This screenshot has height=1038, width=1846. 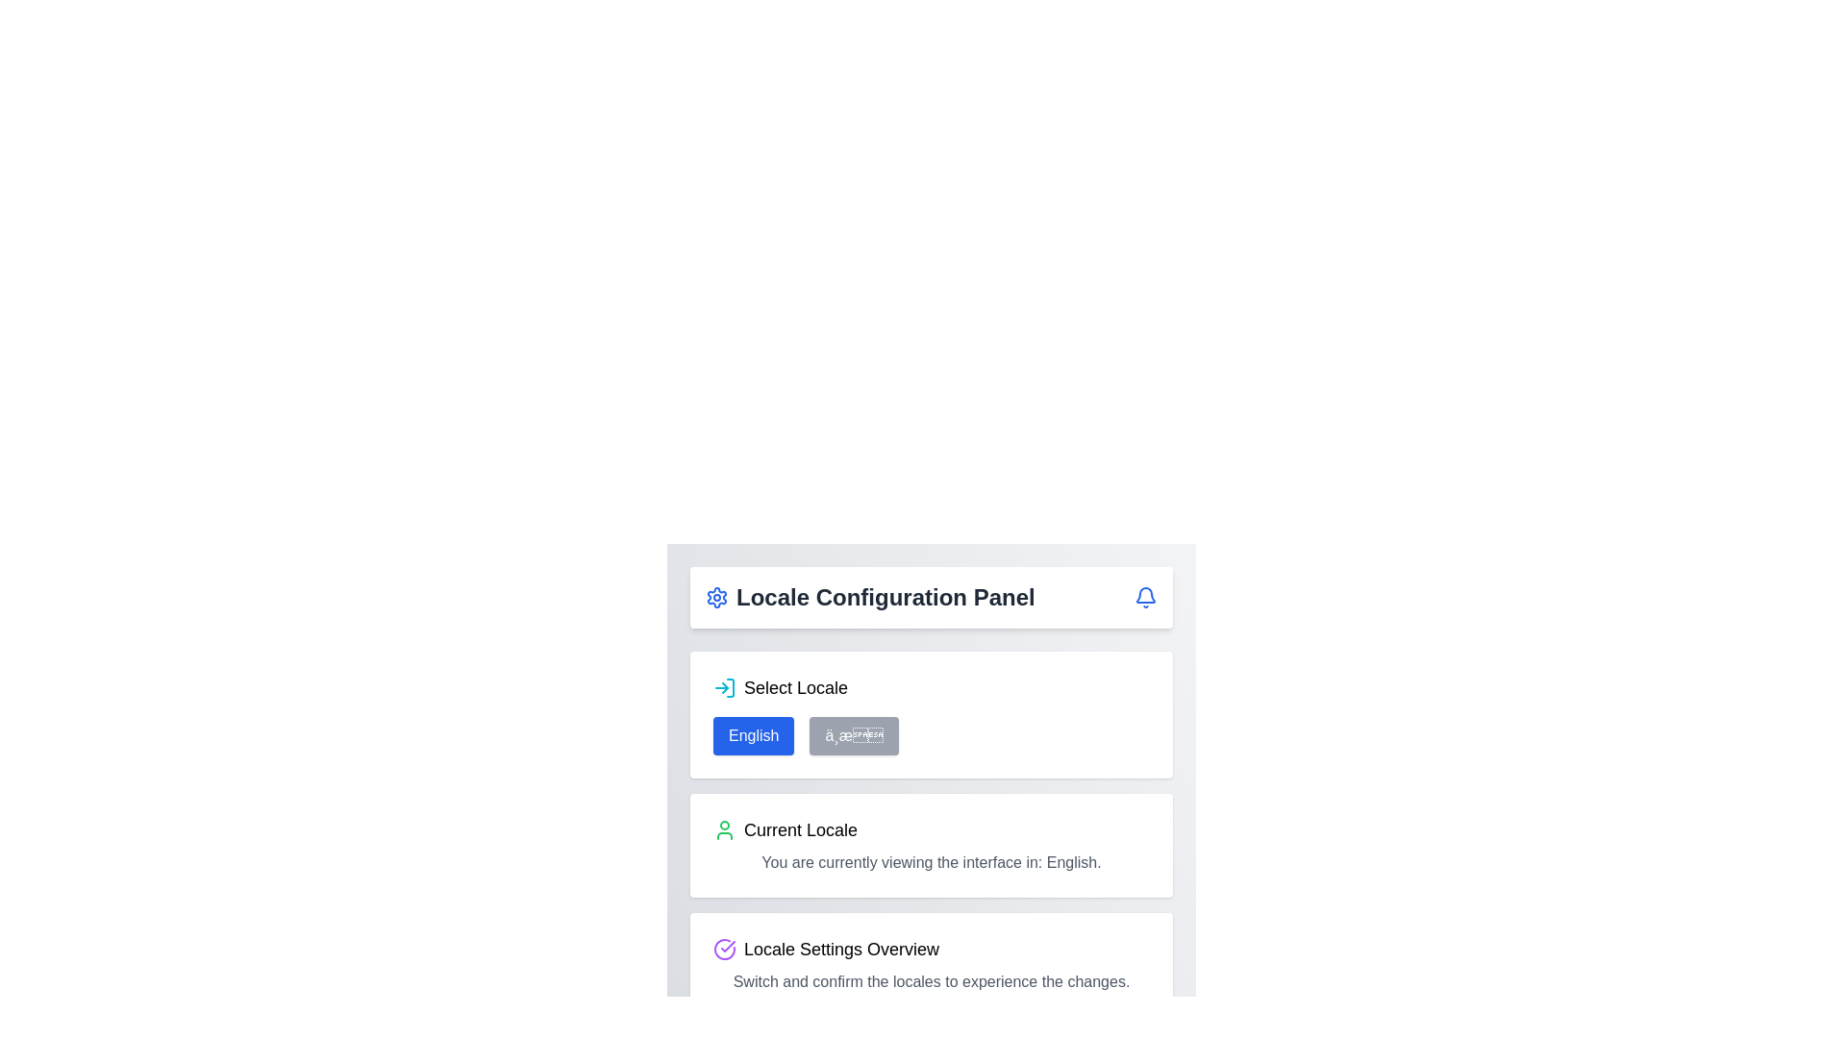 I want to click on title 'Select Locale' from the card that contains language options, positioned in the middle section of the interface under 'Locale Configuration Panel', so click(x=932, y=715).